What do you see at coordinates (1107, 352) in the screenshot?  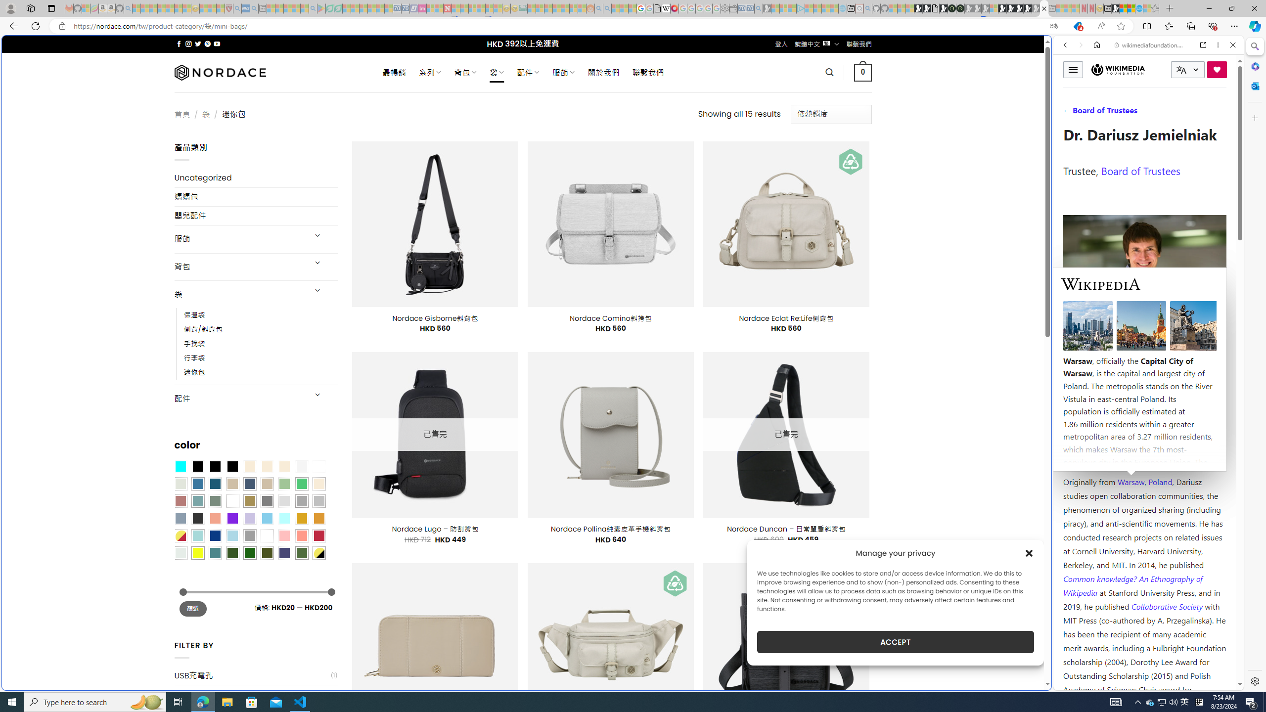 I see `'Profile on Meta-Wiki'` at bounding box center [1107, 352].